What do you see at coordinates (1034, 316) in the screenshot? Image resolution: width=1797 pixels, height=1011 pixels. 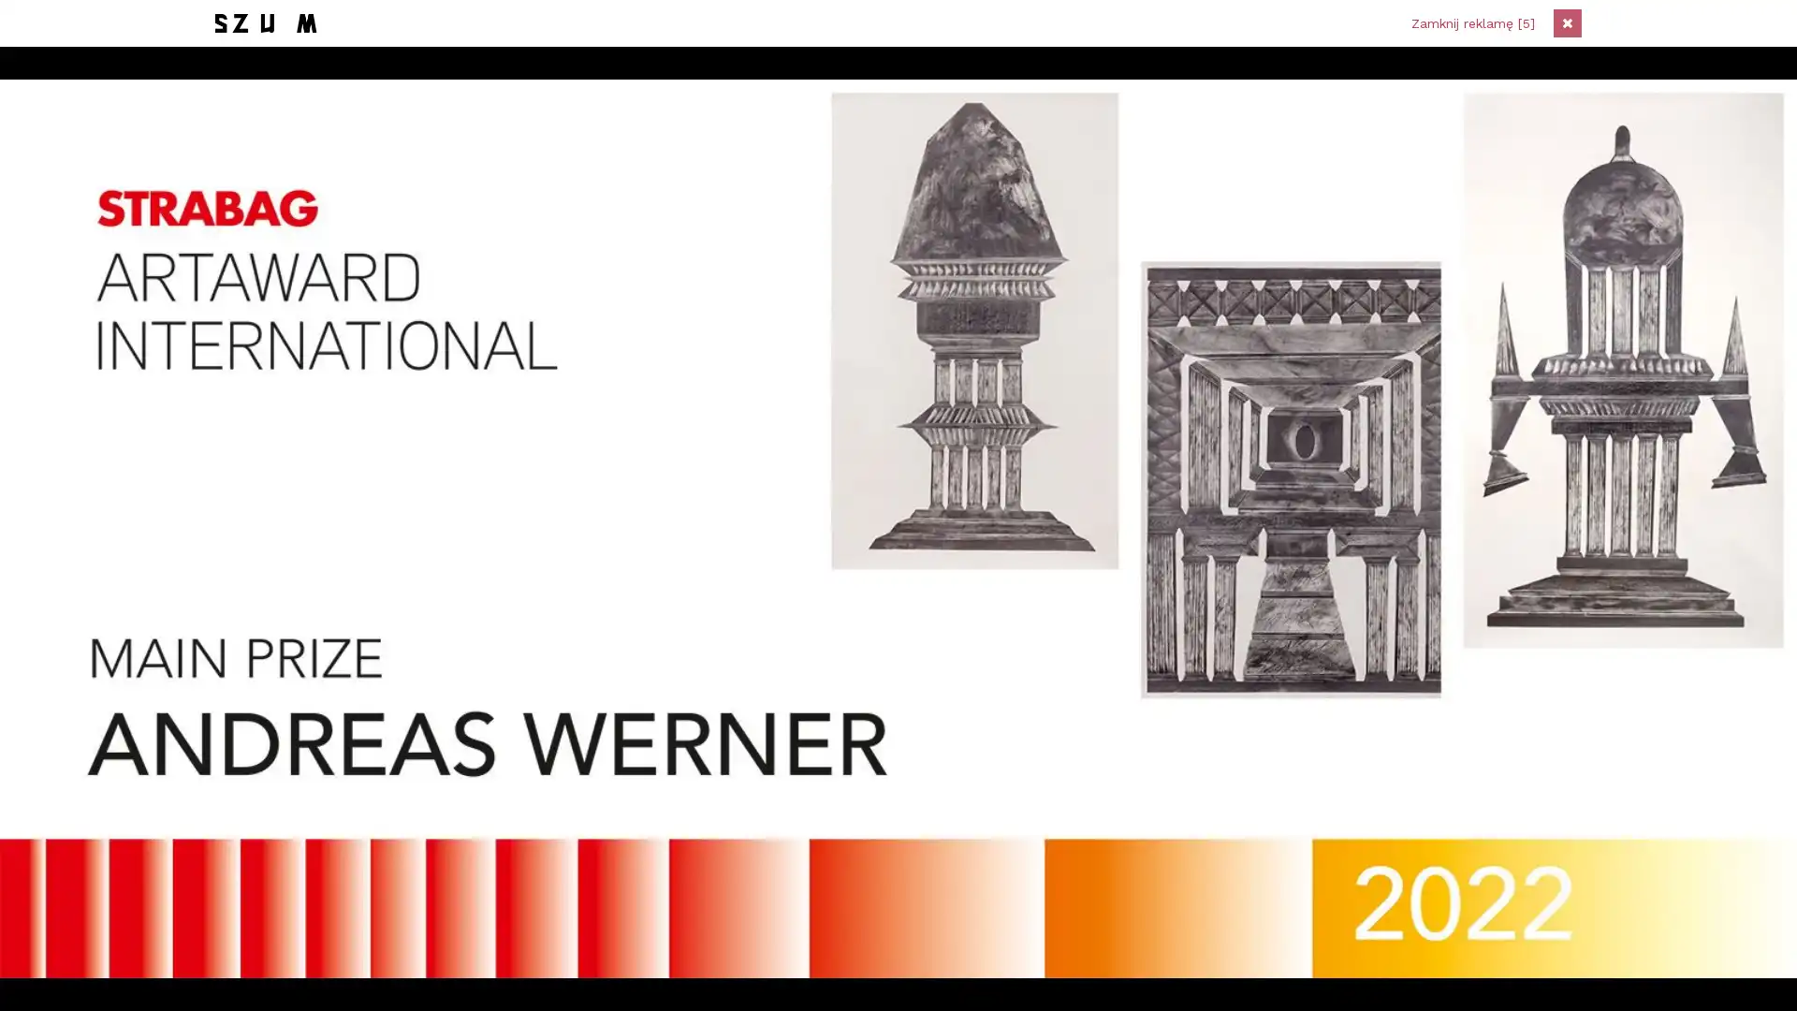 I see `Zapisz sie` at bounding box center [1034, 316].